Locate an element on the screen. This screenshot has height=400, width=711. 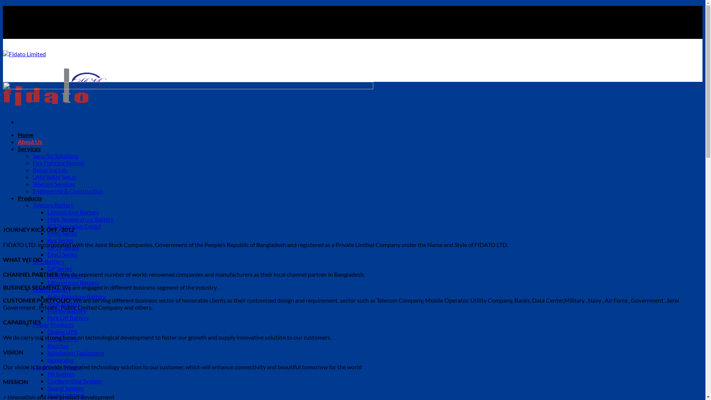
'Products' is located at coordinates (30, 197).